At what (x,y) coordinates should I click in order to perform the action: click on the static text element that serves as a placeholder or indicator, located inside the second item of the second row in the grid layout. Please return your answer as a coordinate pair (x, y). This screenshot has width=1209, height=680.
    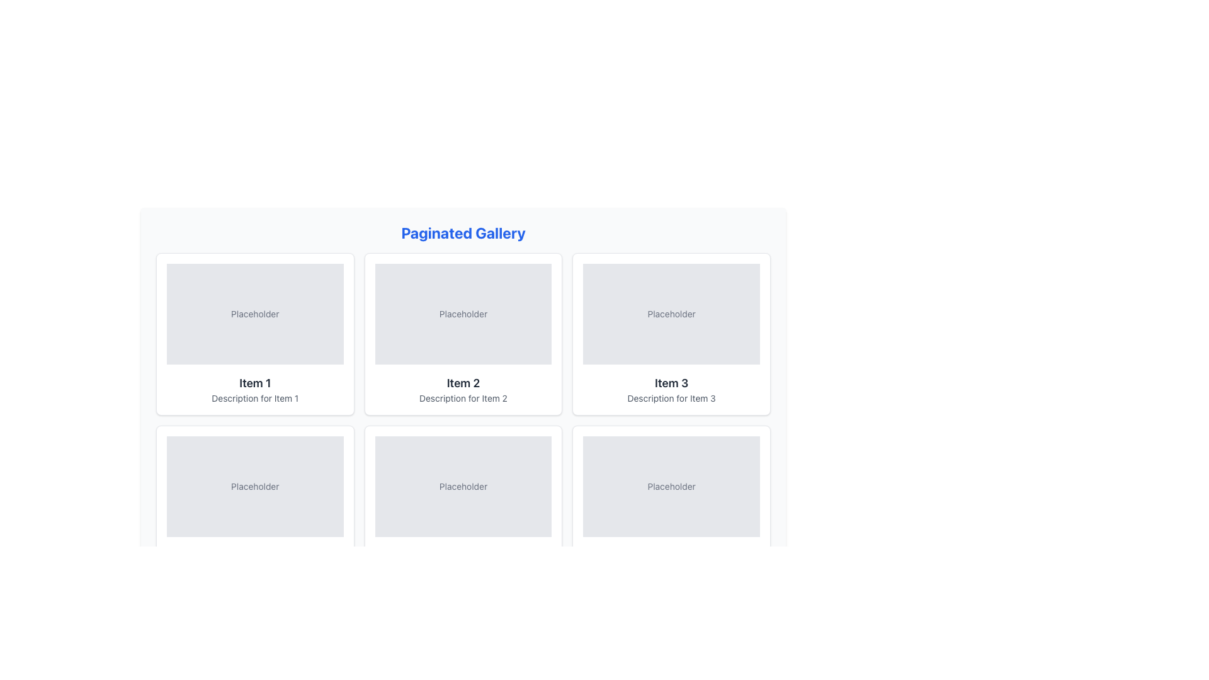
    Looking at the image, I should click on (462, 313).